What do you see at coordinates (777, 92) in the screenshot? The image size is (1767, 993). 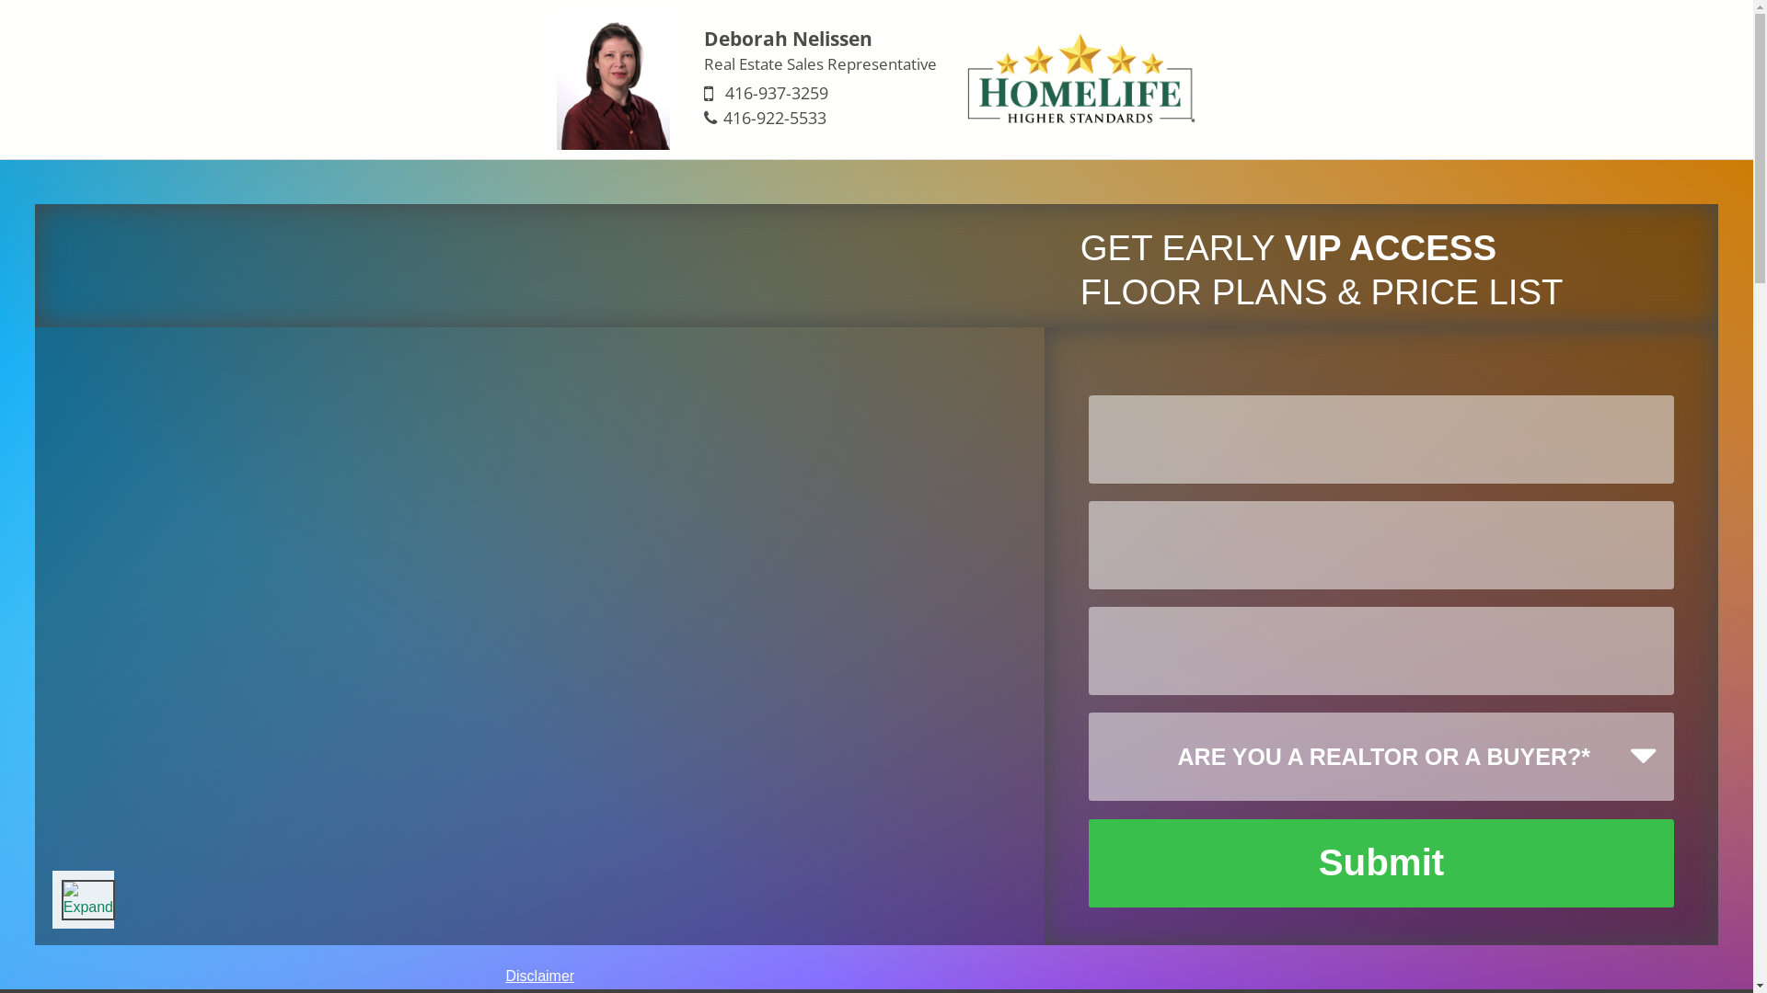 I see `'416-937-3259'` at bounding box center [777, 92].